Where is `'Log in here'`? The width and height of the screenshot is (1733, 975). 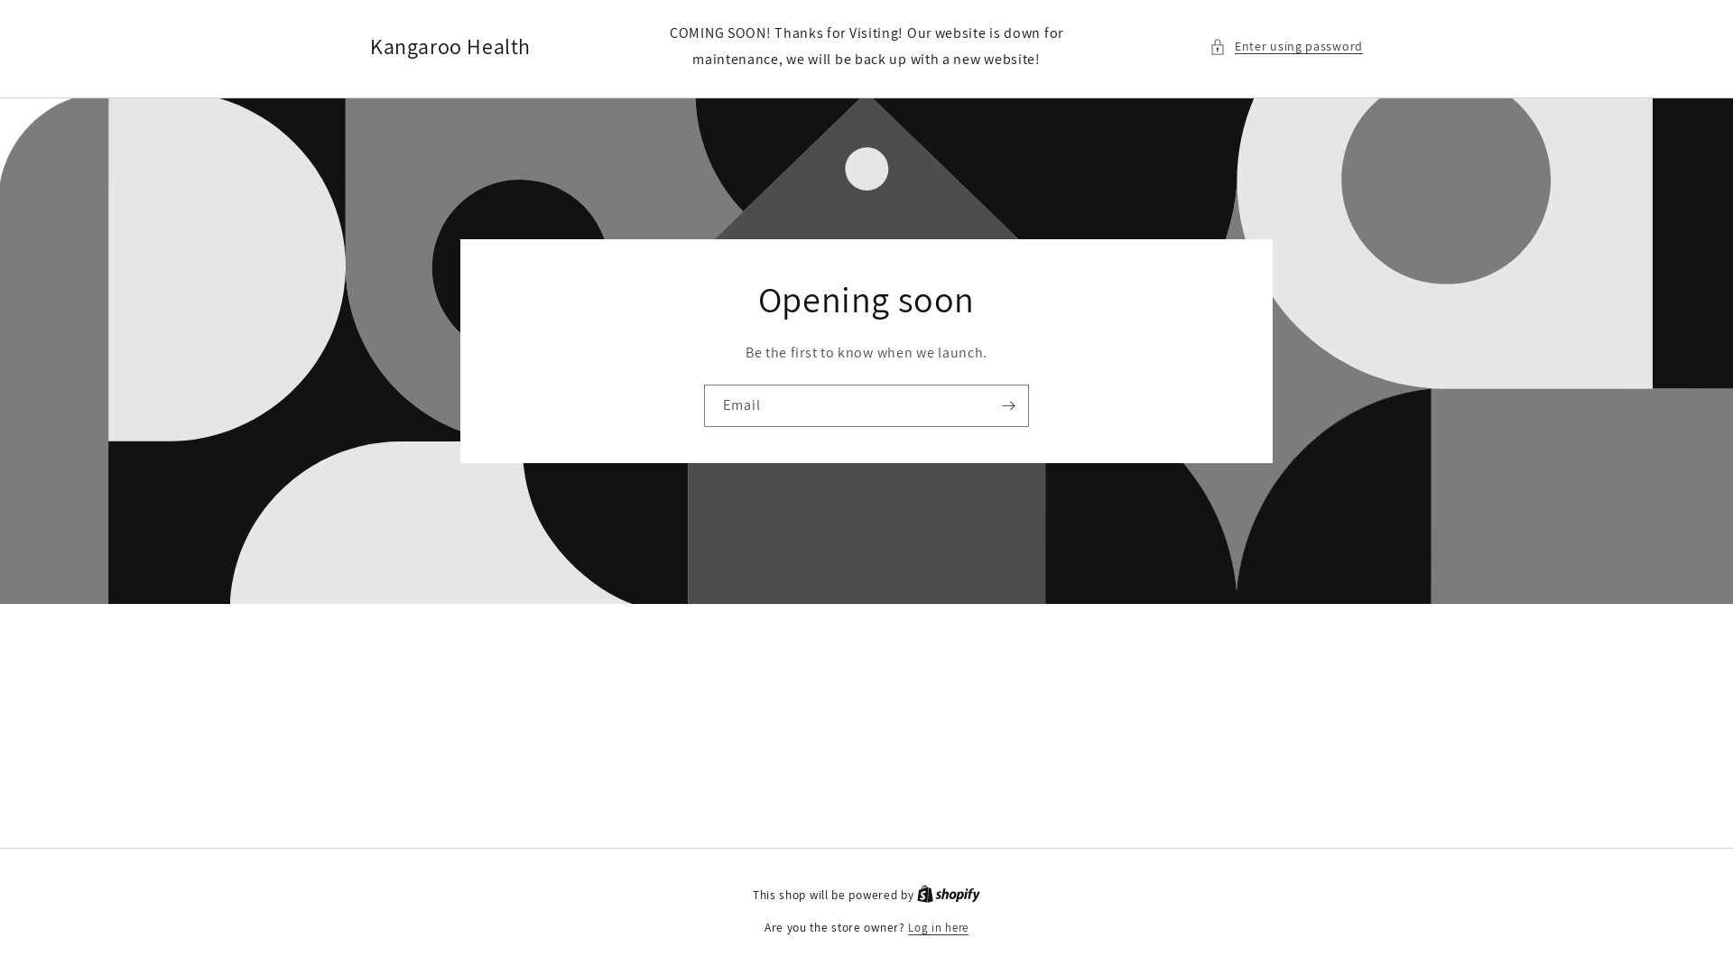 'Log in here' is located at coordinates (938, 928).